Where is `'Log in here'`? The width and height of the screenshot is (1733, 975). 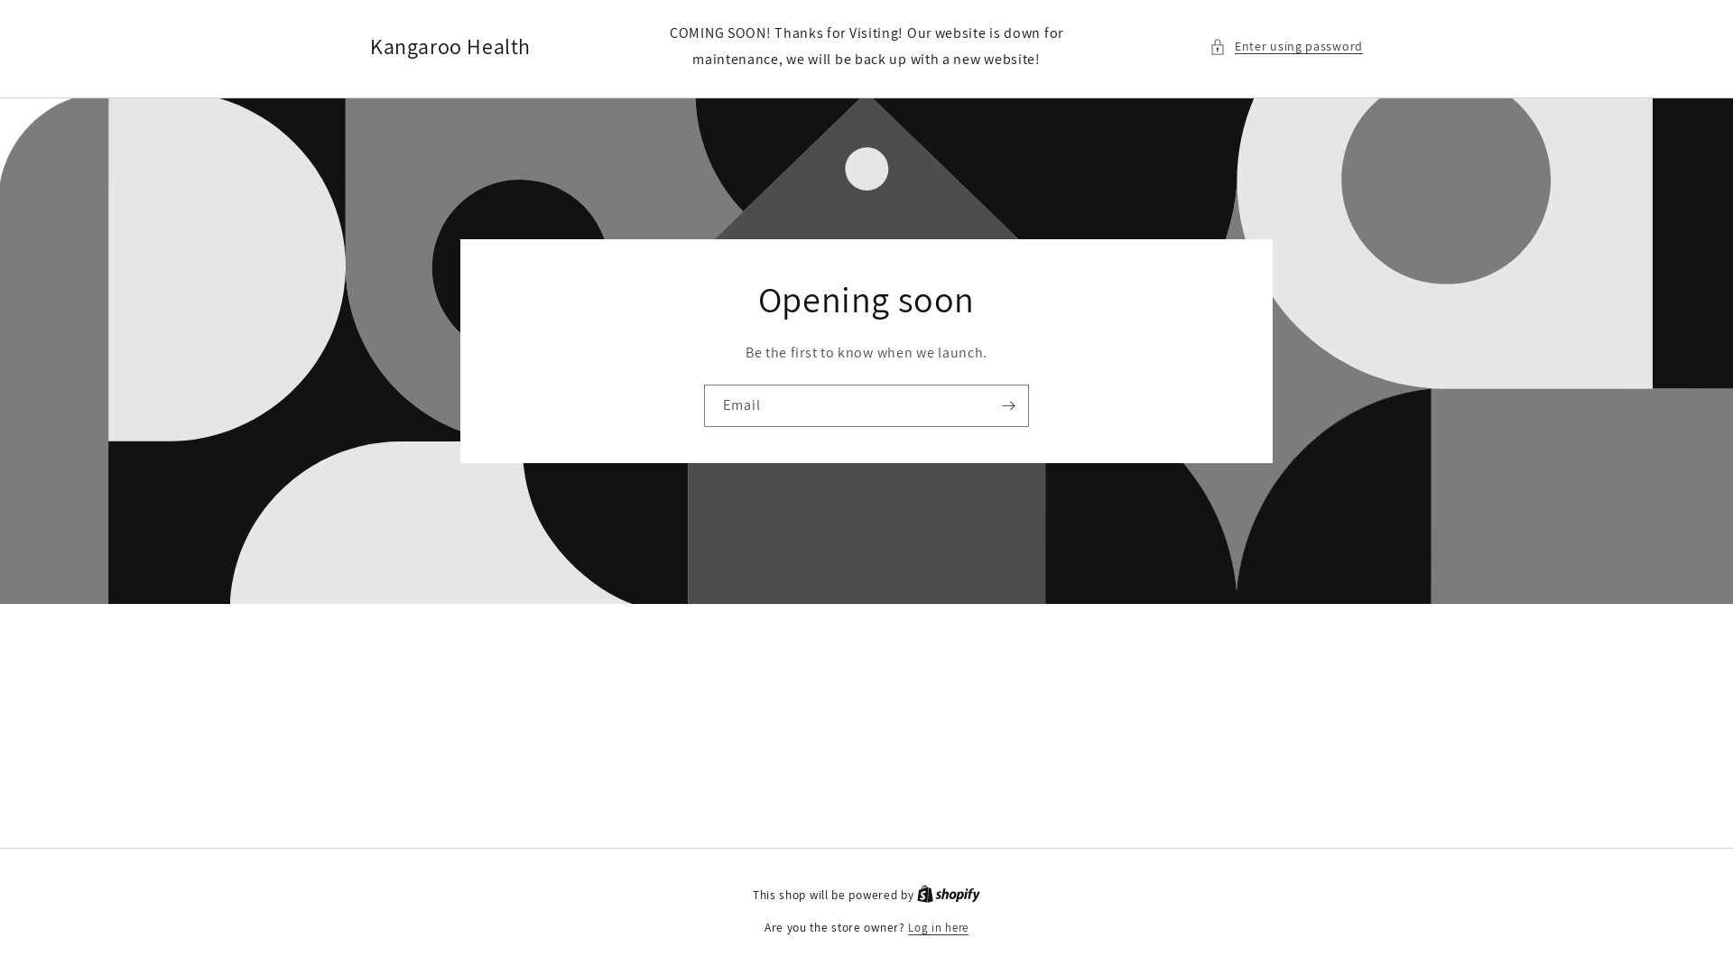 'Log in here' is located at coordinates (938, 928).